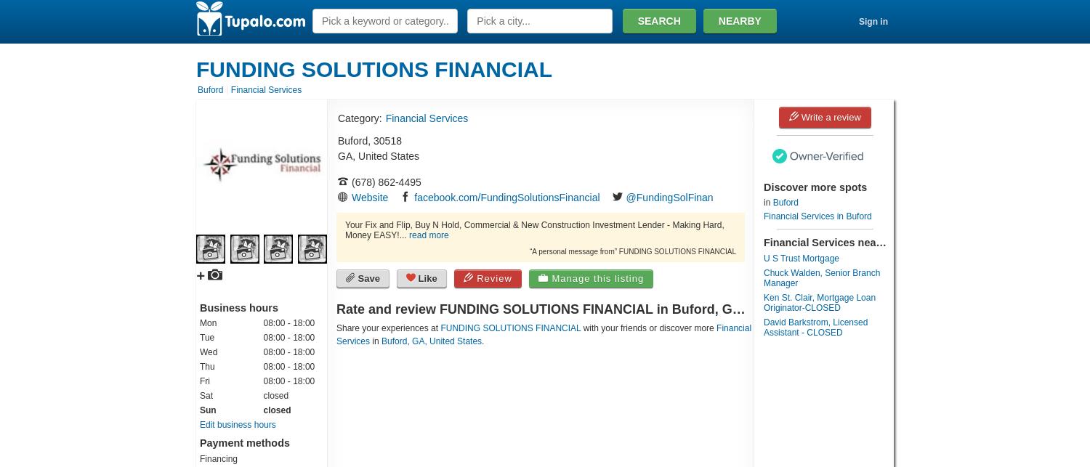 This screenshot has width=1090, height=467. Describe the element at coordinates (208, 322) in the screenshot. I see `'Mon'` at that location.